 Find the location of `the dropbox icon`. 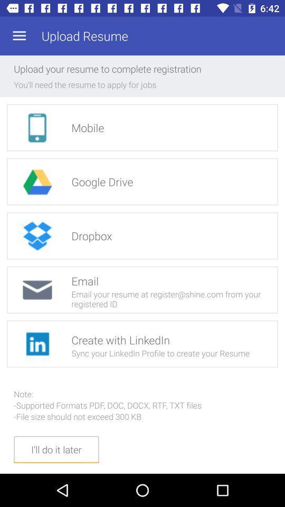

the dropbox icon is located at coordinates (36, 236).